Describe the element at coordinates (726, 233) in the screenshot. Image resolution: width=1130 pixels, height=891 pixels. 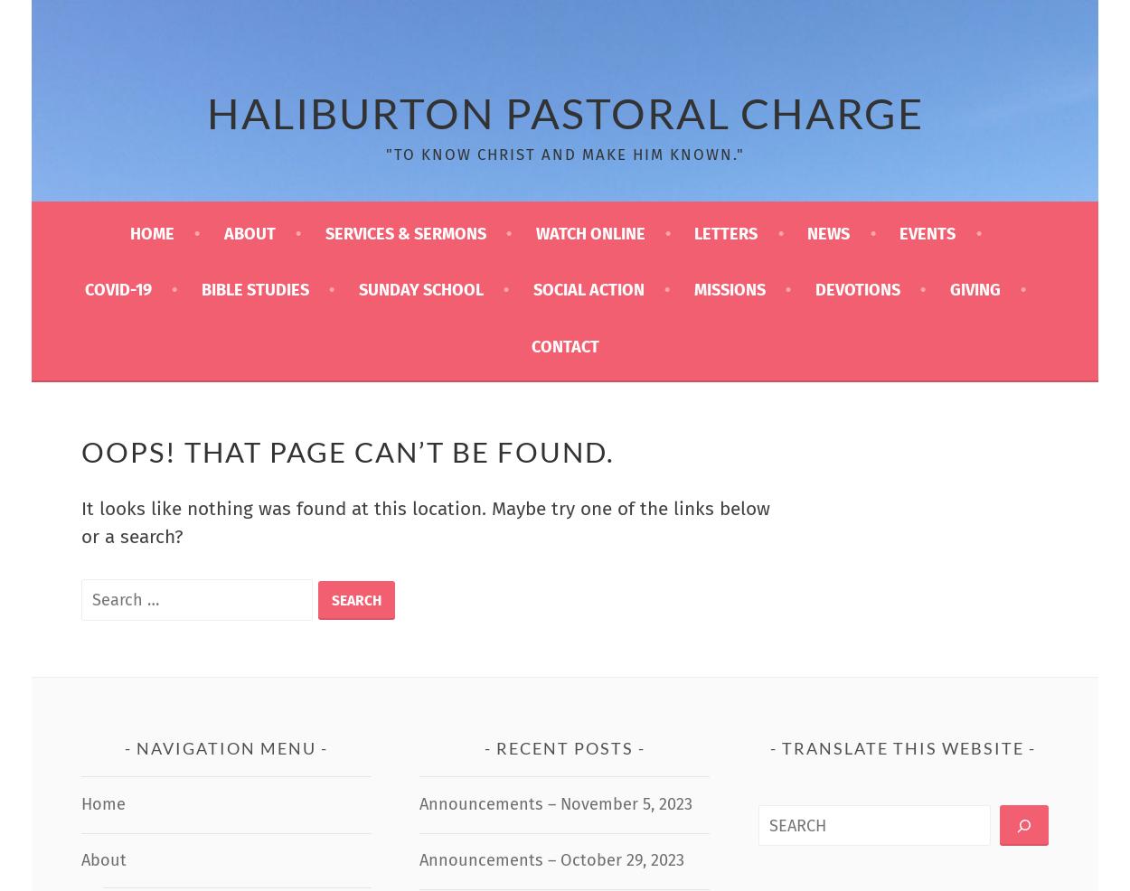
I see `'Letters'` at that location.